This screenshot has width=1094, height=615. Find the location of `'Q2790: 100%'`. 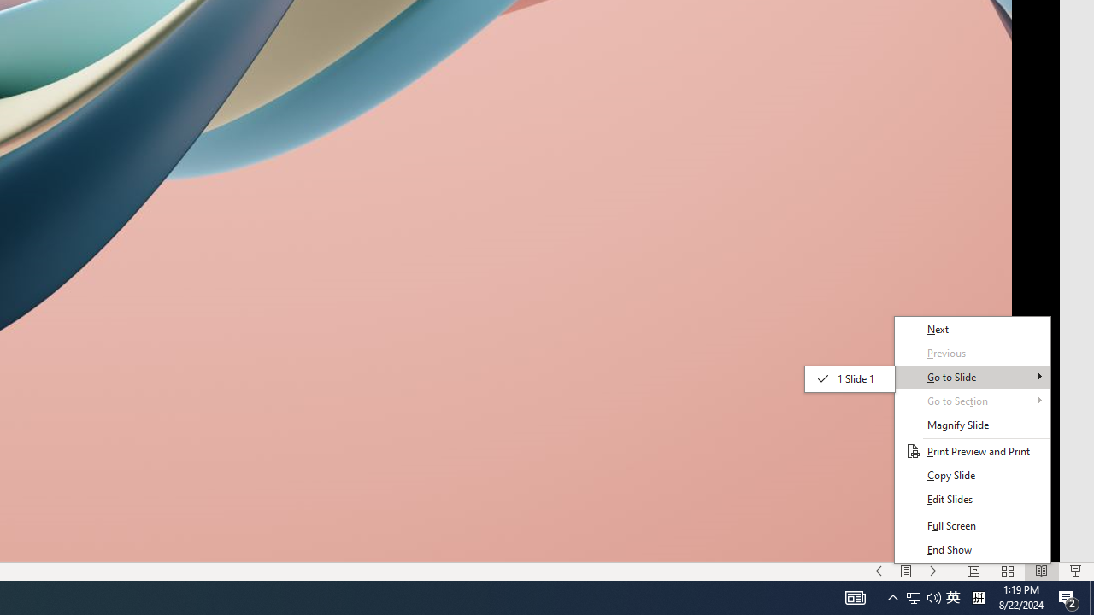

'Q2790: 100%' is located at coordinates (922, 596).